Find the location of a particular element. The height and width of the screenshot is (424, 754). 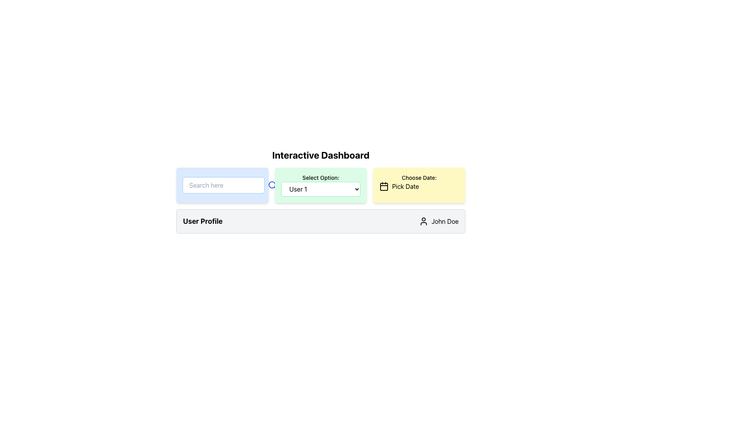

the dropdown menu labeled 'Select Option:' which is centrally positioned and has a green background is located at coordinates (320, 191).